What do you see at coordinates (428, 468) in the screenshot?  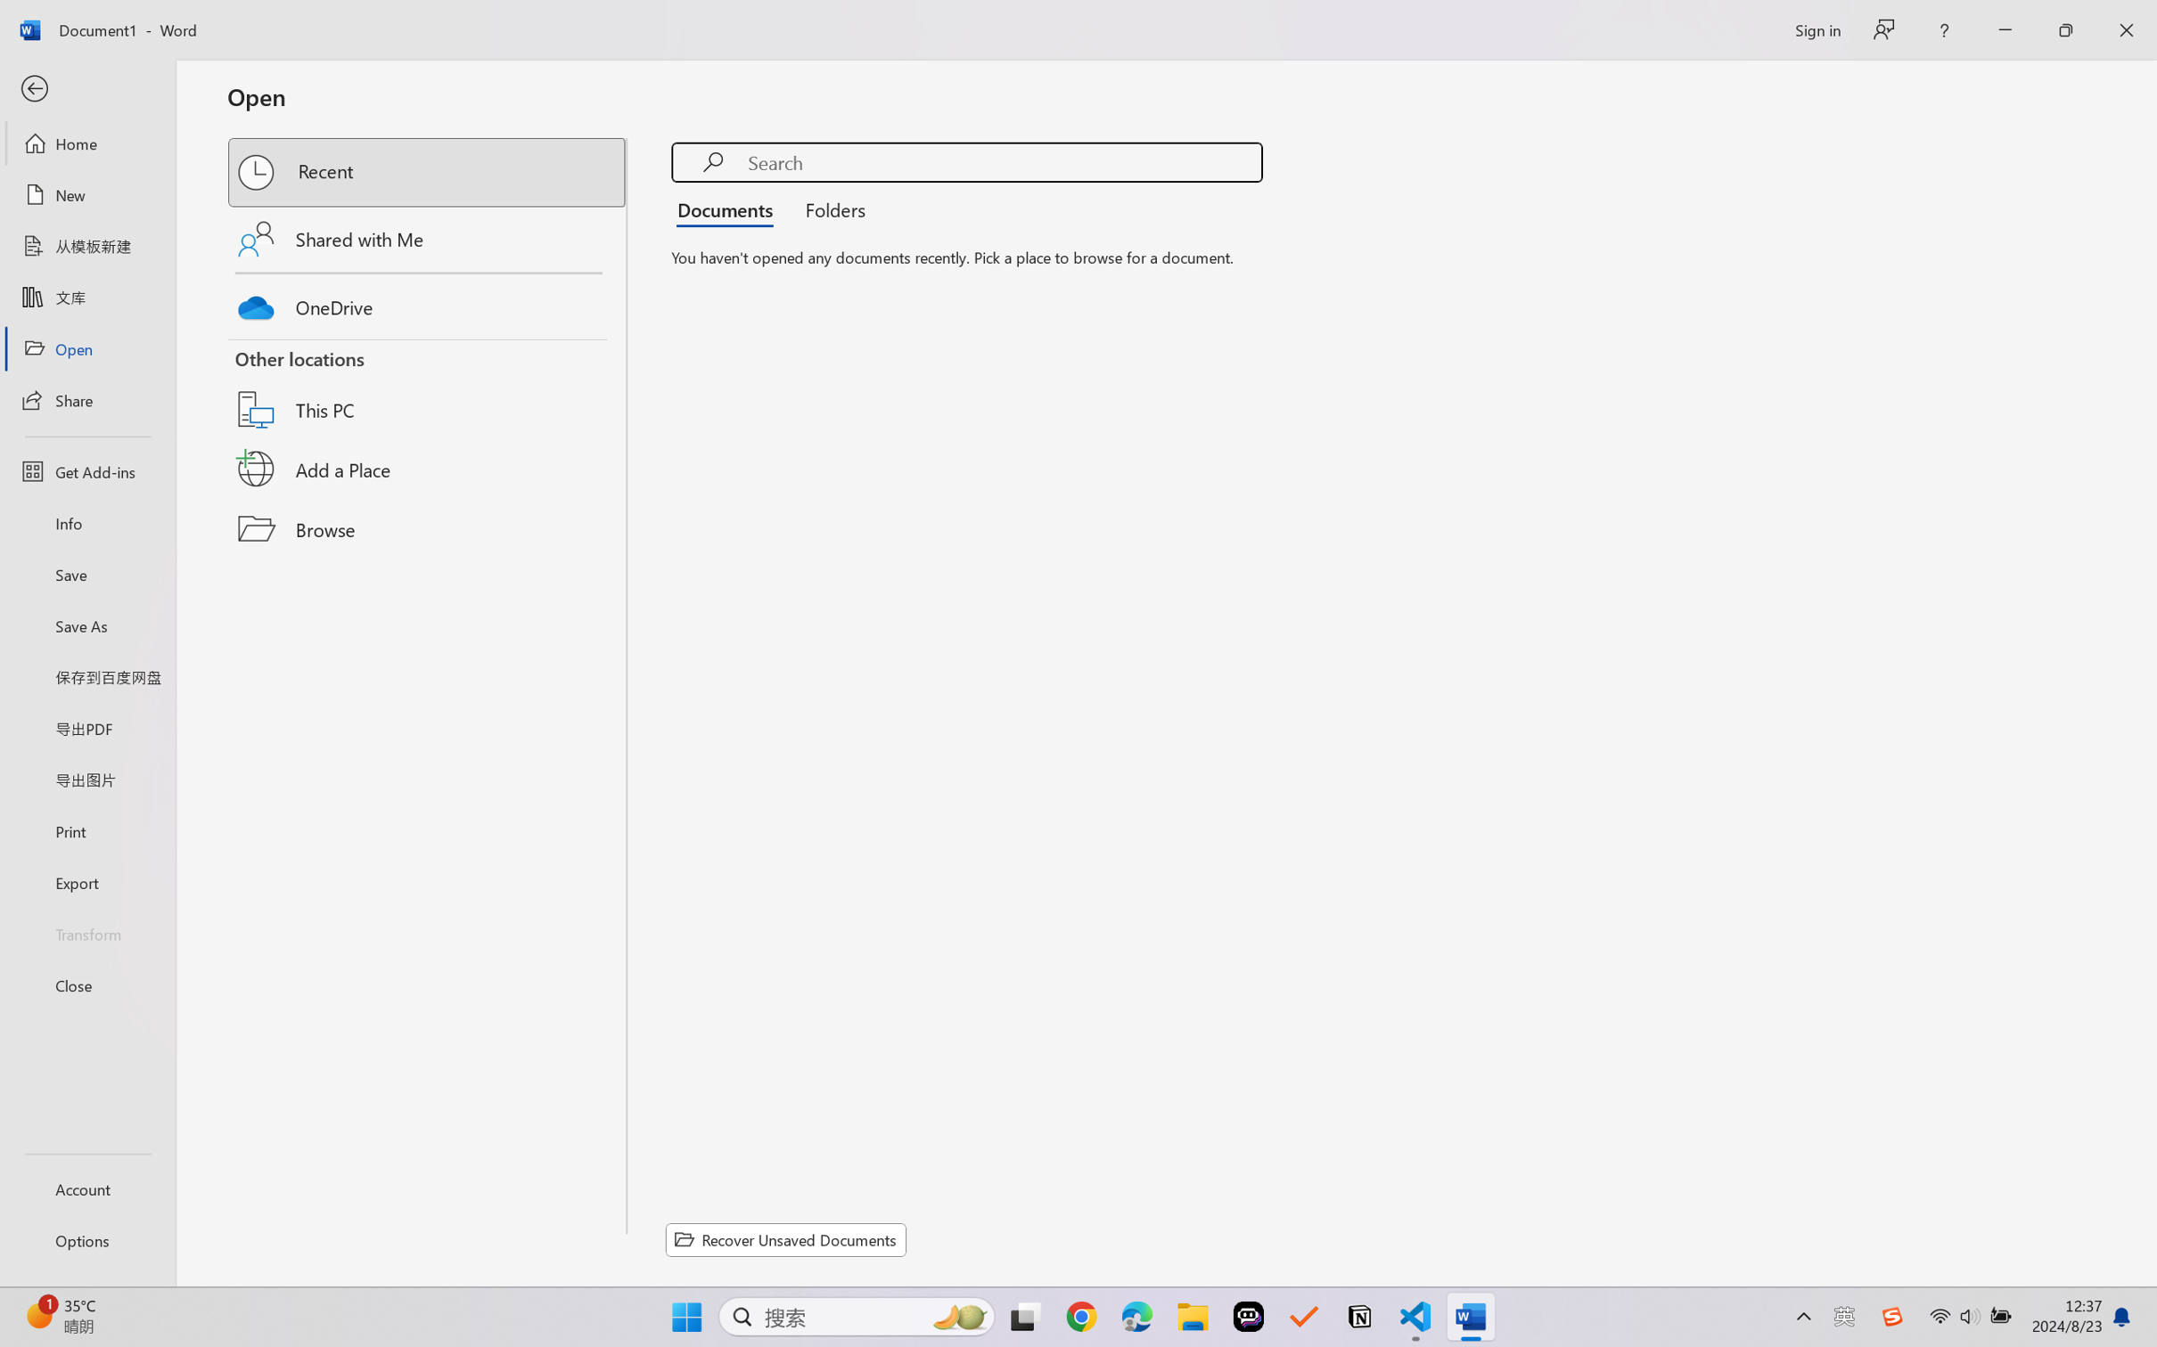 I see `'Add a Place'` at bounding box center [428, 468].